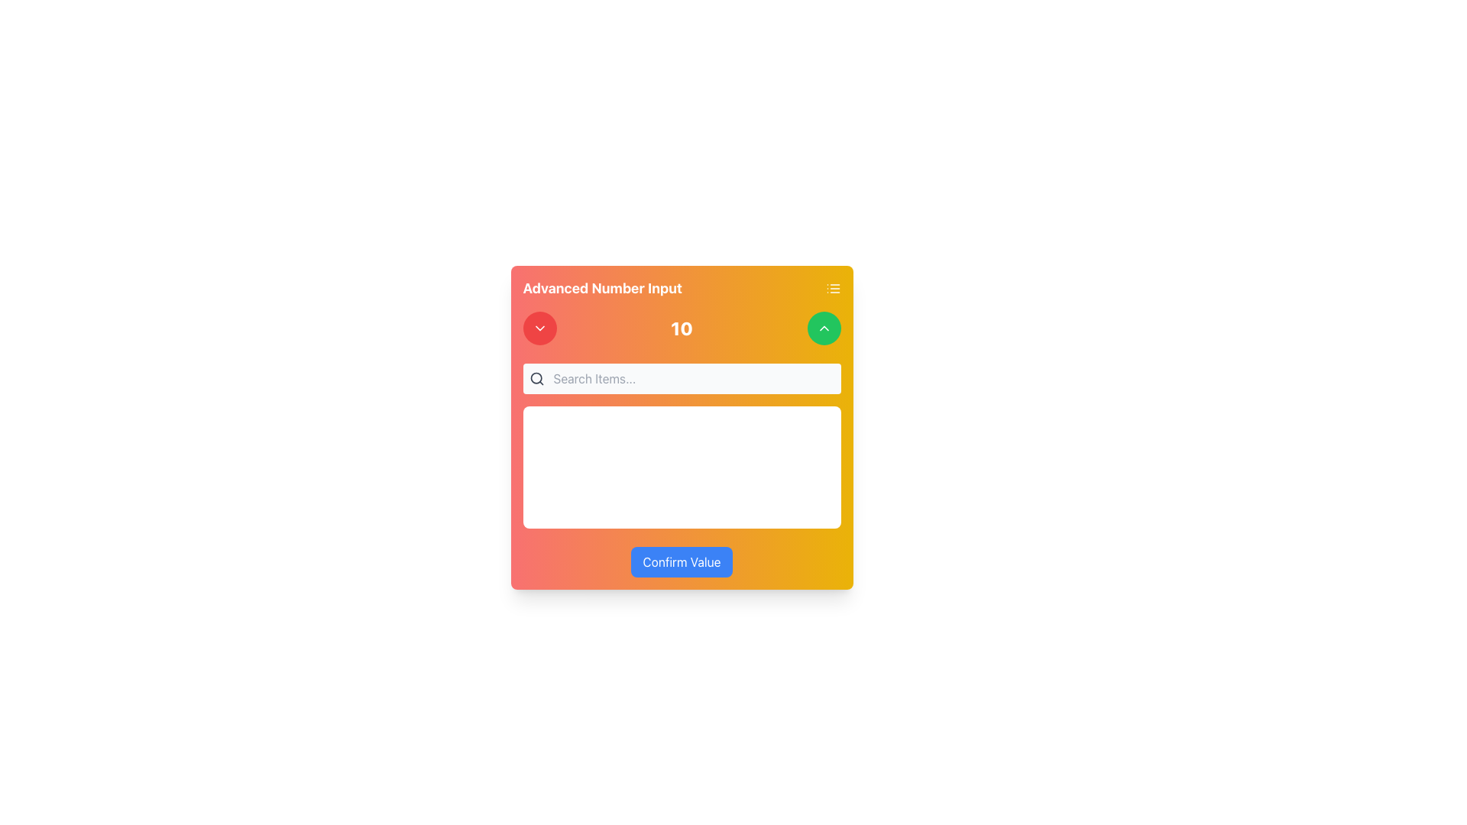  What do you see at coordinates (681, 327) in the screenshot?
I see `the numeric display showing the value '10' in a bold font, located centrally within the horizontal bar of the 'Advanced Number Input' component` at bounding box center [681, 327].